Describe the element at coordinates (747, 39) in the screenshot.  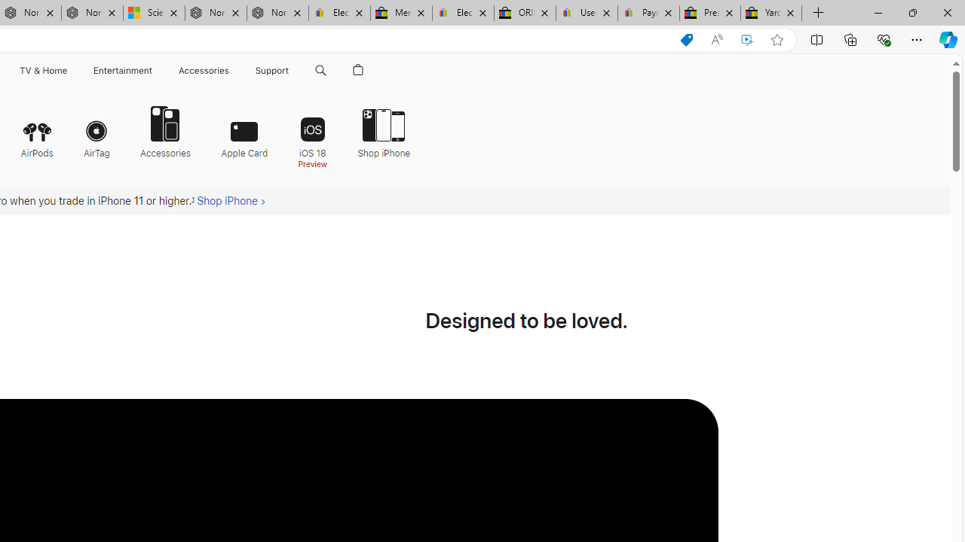
I see `'Enhance video'` at that location.